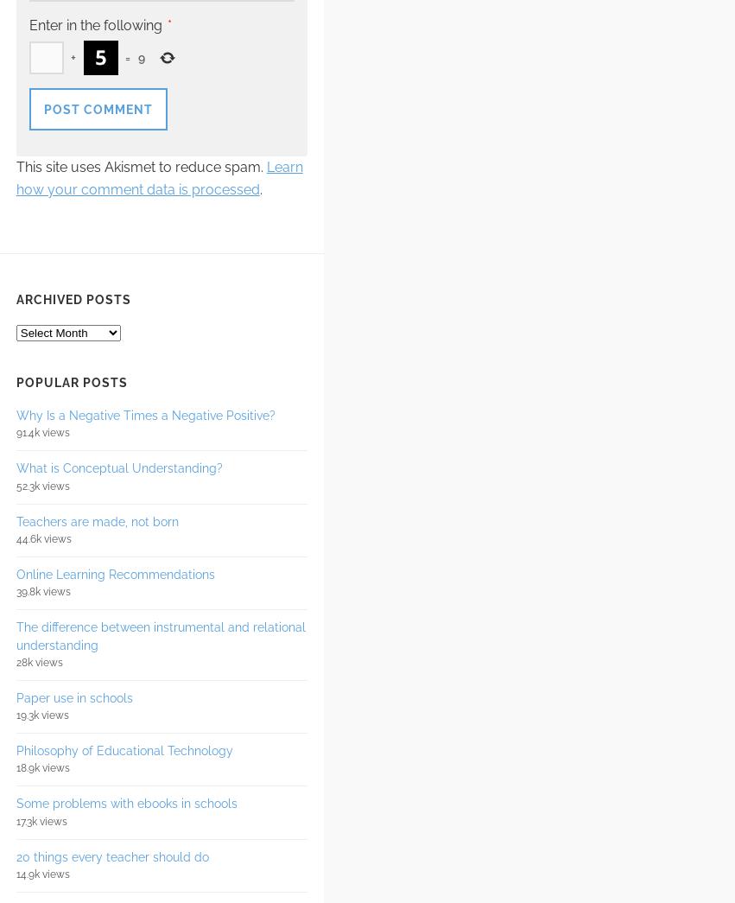 Image resolution: width=735 pixels, height=903 pixels. What do you see at coordinates (41, 820) in the screenshot?
I see `'17.3k views'` at bounding box center [41, 820].